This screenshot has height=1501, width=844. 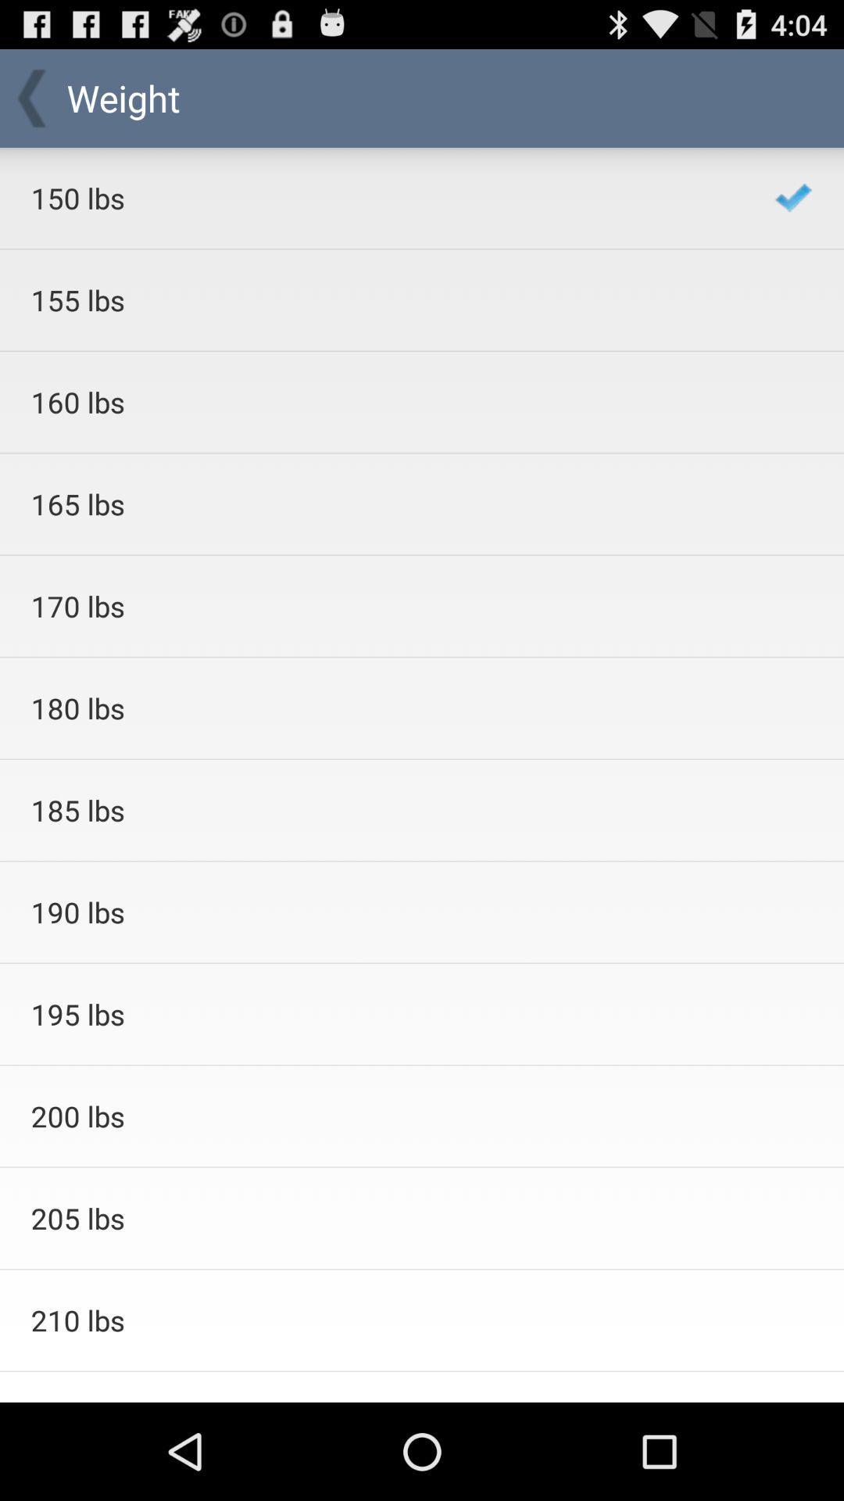 What do you see at coordinates (382, 197) in the screenshot?
I see `150 lbs icon` at bounding box center [382, 197].